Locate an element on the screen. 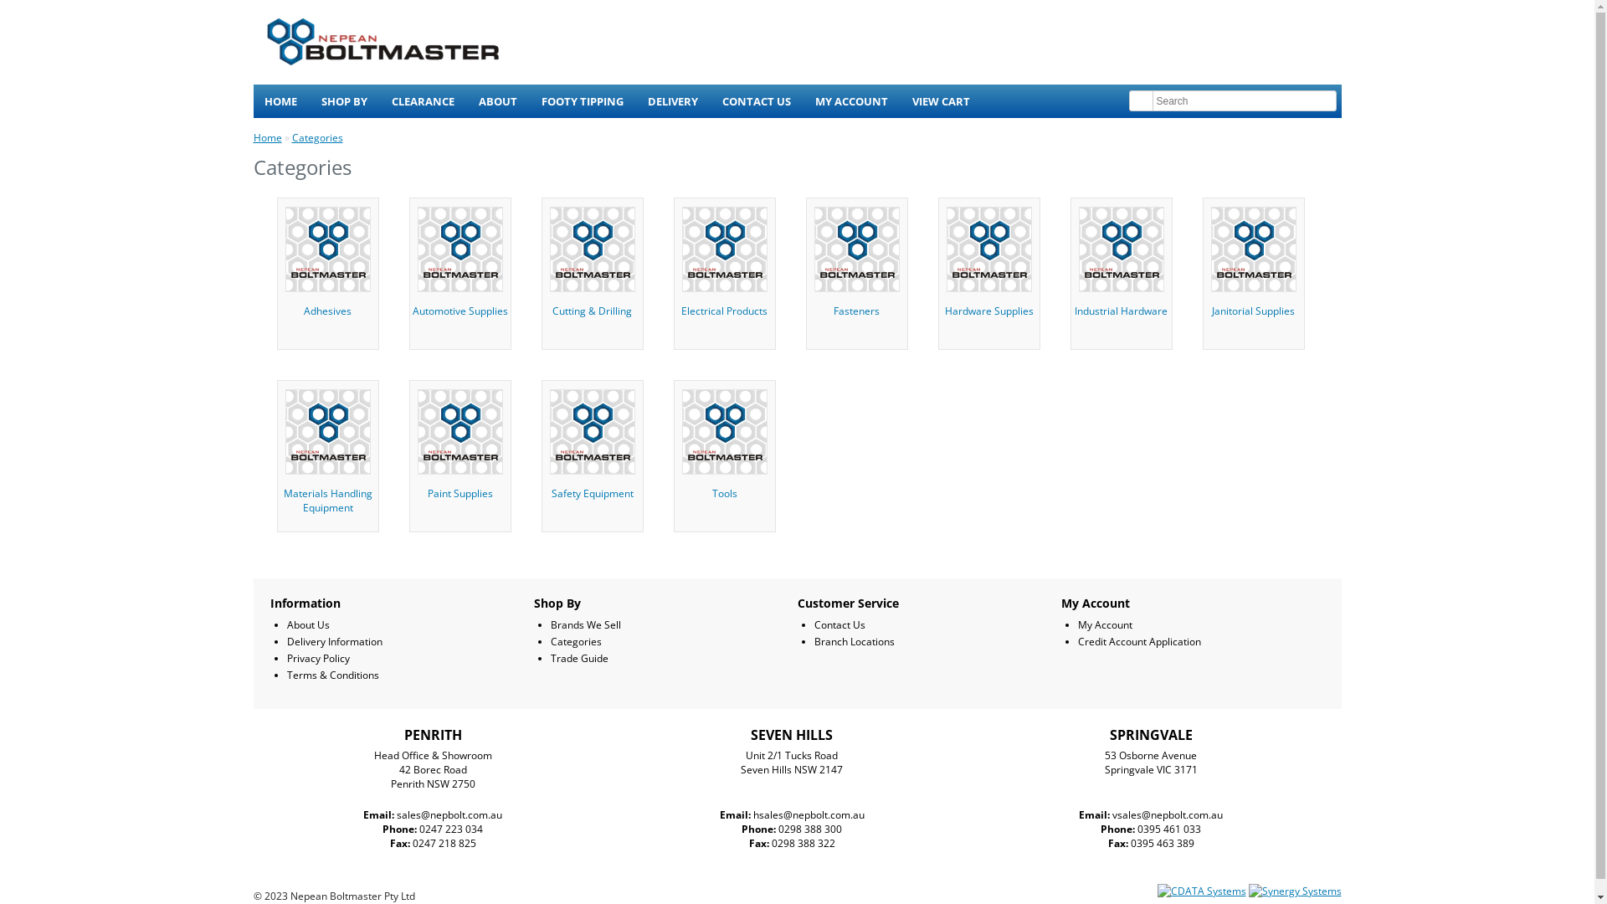 This screenshot has width=1607, height=904. 'DELIVERY' is located at coordinates (671, 100).